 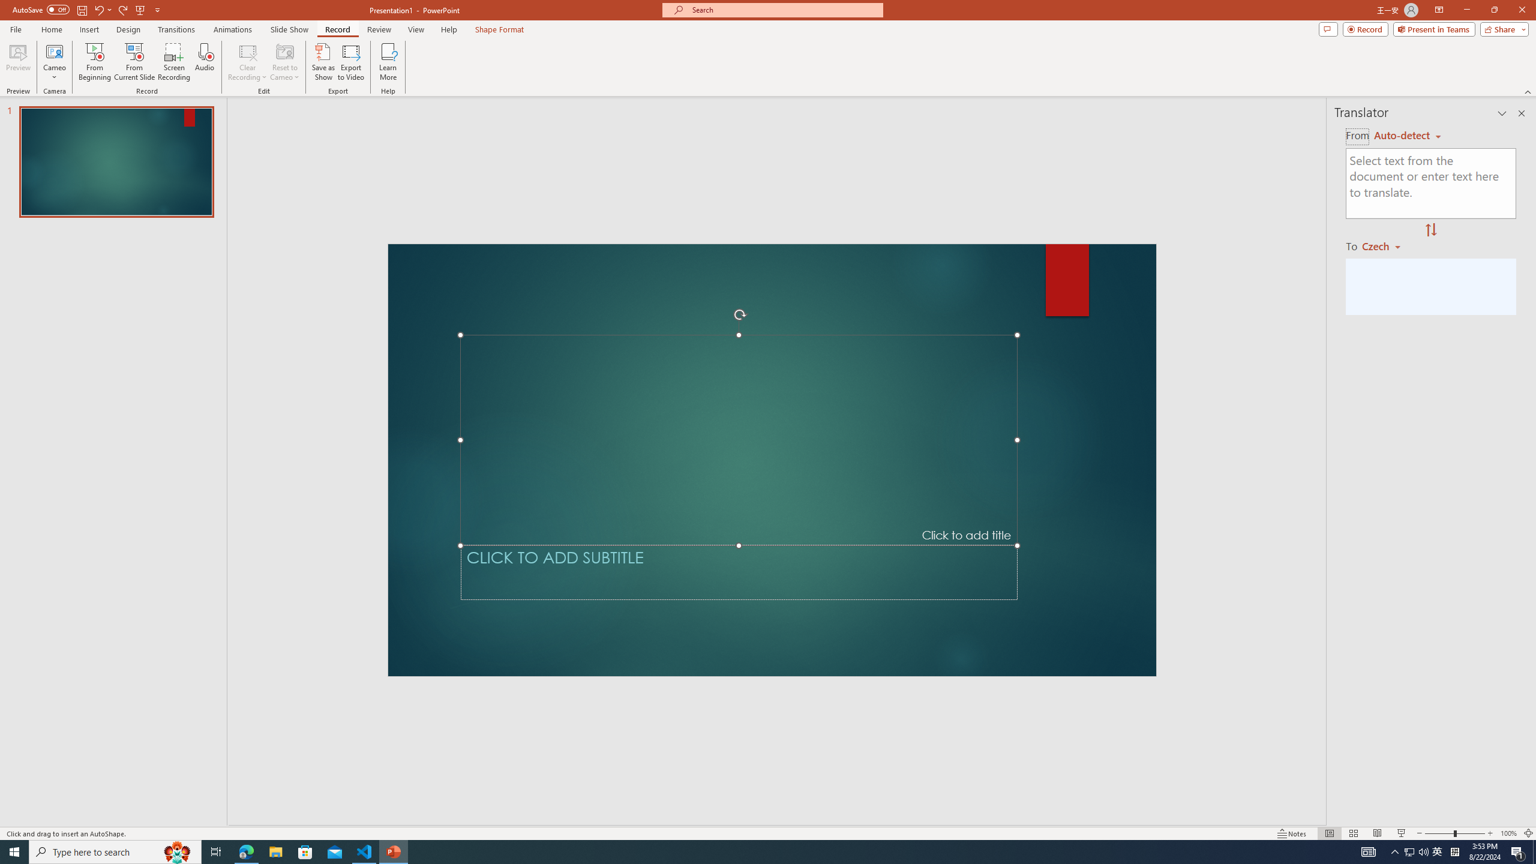 I want to click on 'Slide Sorter', so click(x=1352, y=833).